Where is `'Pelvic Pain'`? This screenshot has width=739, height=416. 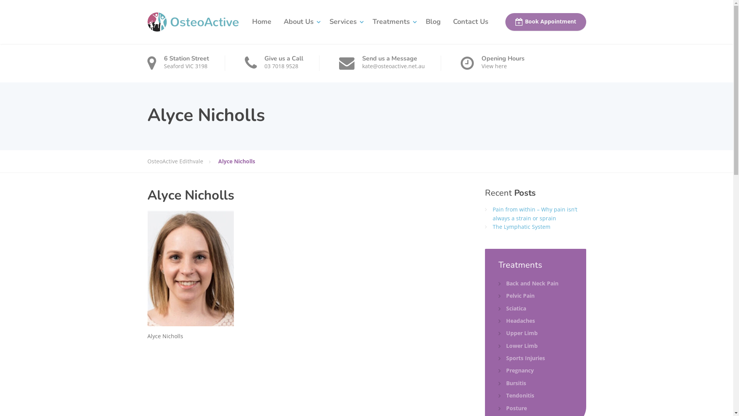
'Pelvic Pain' is located at coordinates (517, 295).